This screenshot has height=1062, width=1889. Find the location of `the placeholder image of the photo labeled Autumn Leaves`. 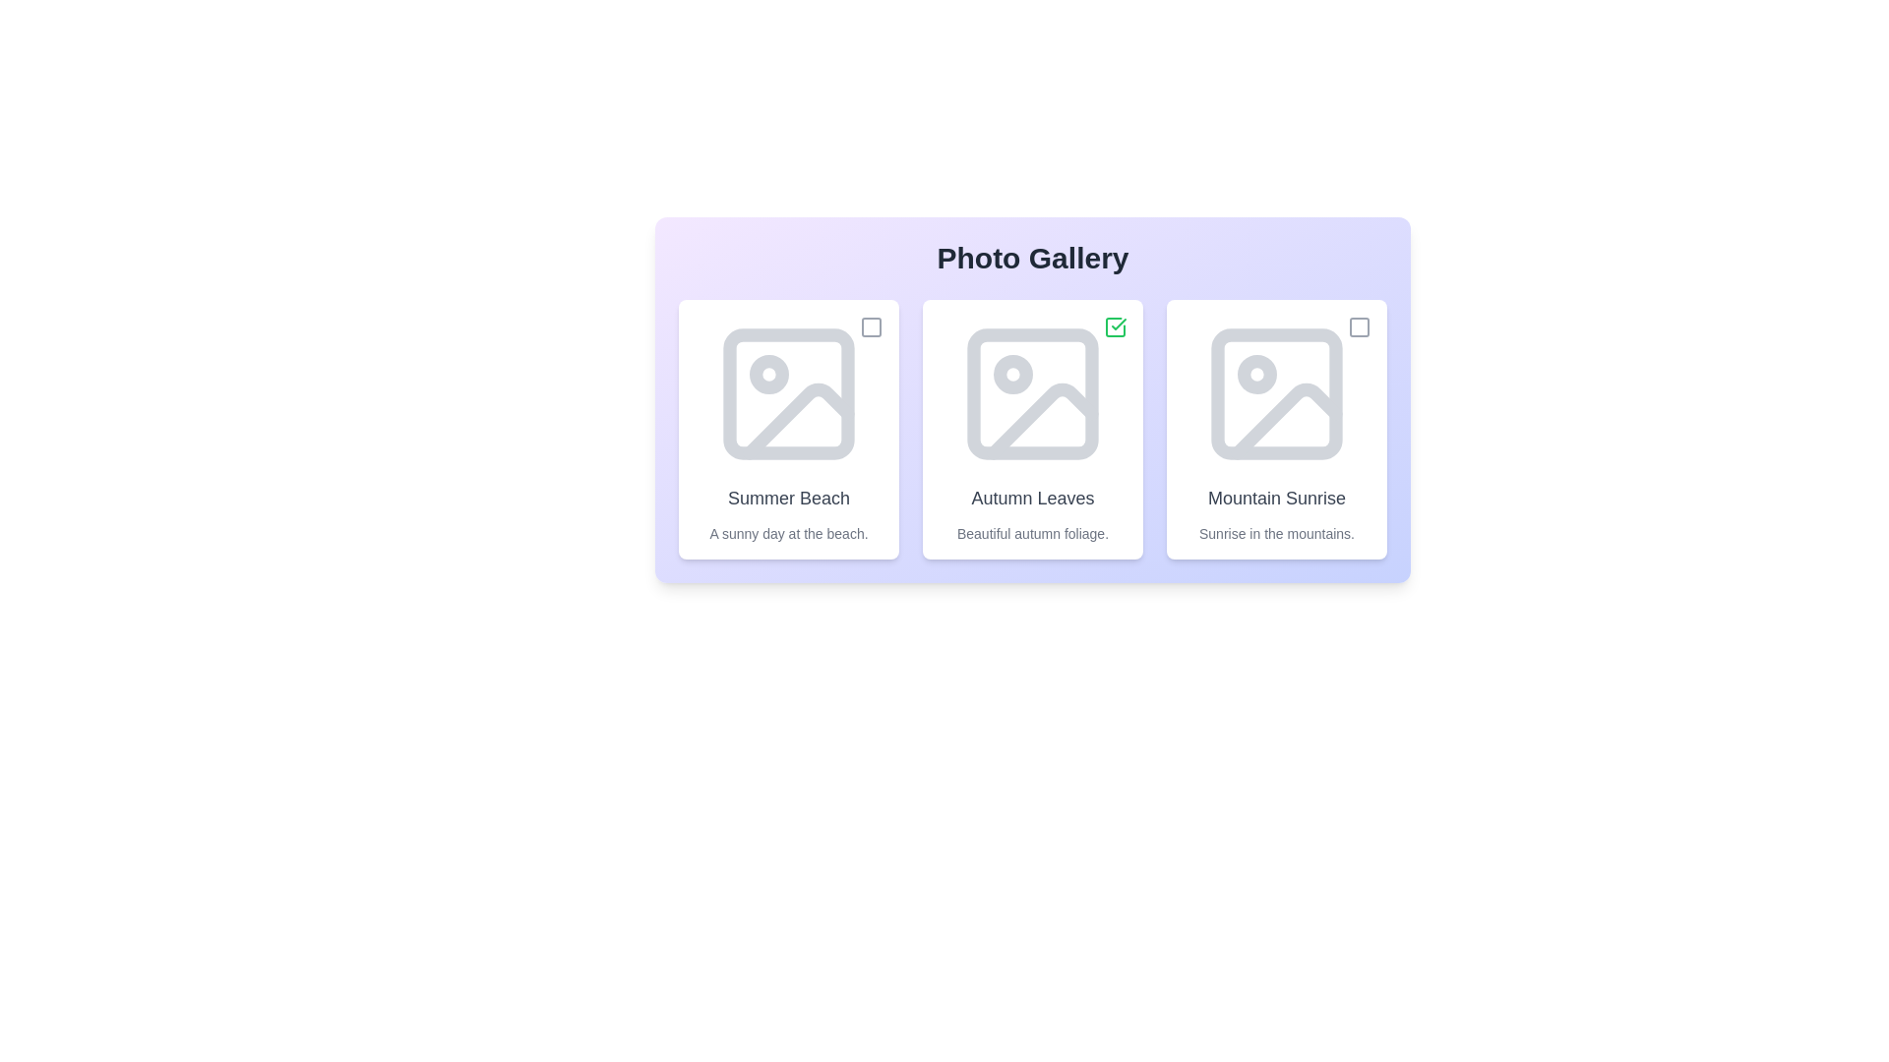

the placeholder image of the photo labeled Autumn Leaves is located at coordinates (1032, 394).